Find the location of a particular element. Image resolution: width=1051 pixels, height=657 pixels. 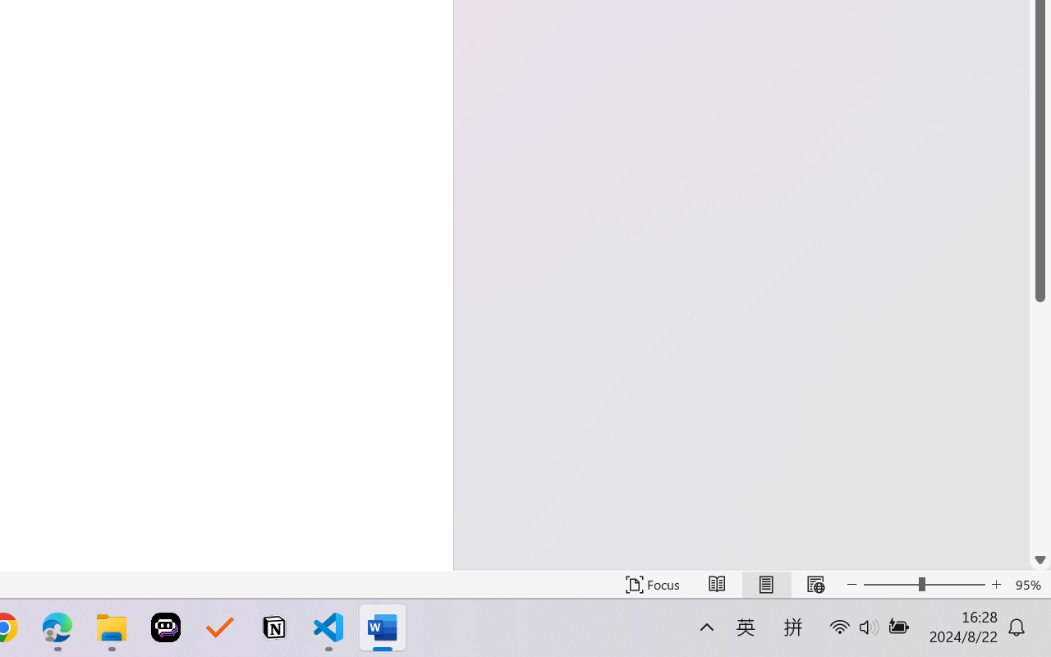

'Zoom 95%' is located at coordinates (1028, 584).